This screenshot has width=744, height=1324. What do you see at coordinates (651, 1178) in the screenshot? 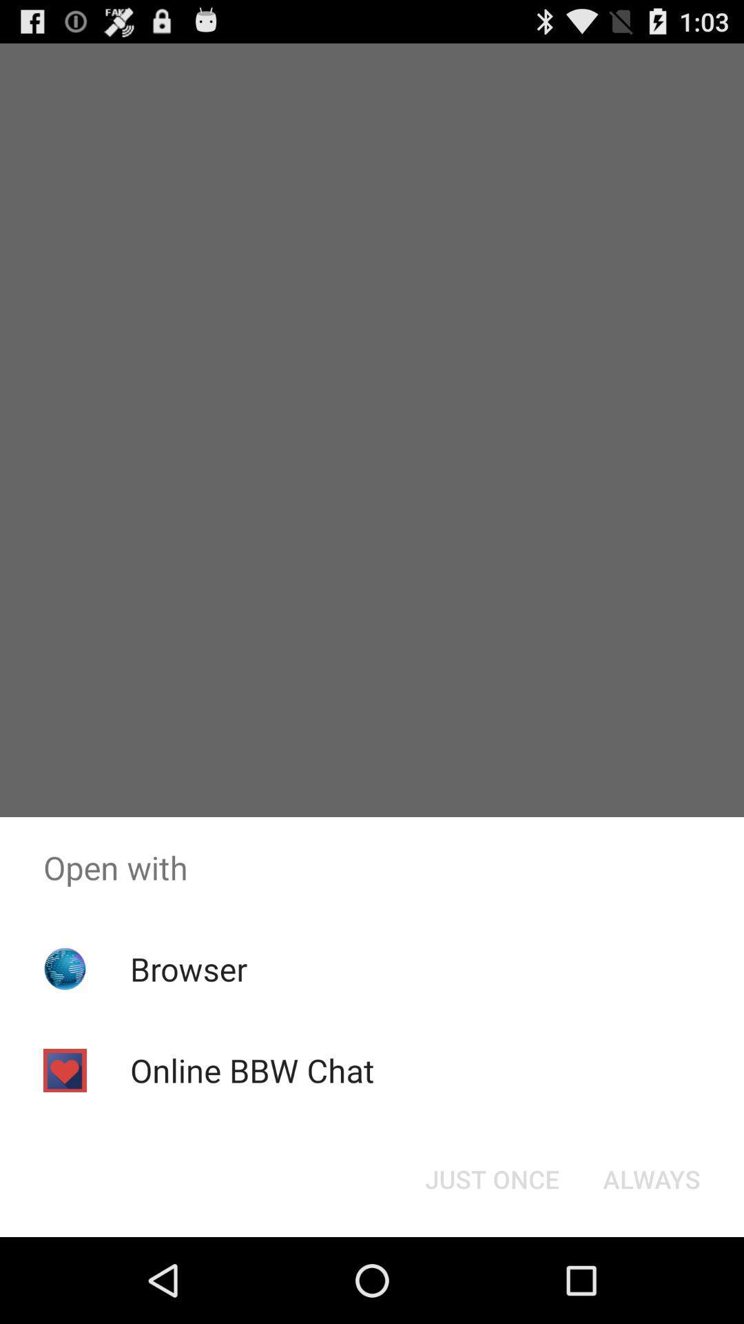
I see `the app below open with` at bounding box center [651, 1178].